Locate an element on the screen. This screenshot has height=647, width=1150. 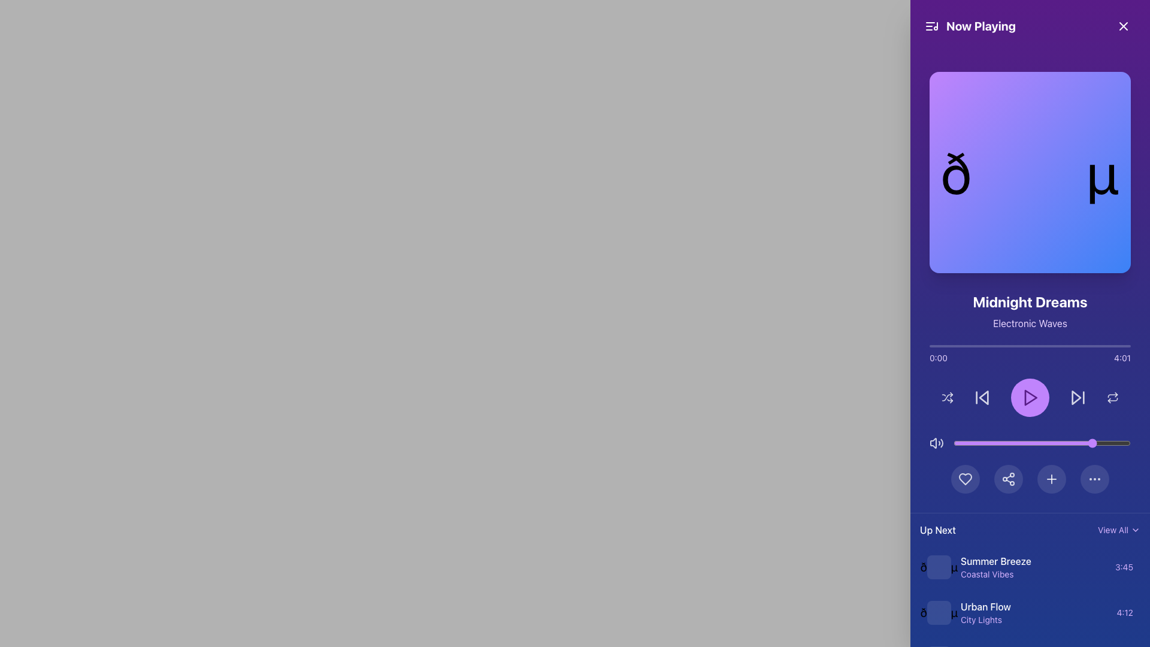
the content of the Text Display showing the title and subtitle of the first song in the 'Up Next' list, located in the music application, positioned between a musical note icon and a timestamp is located at coordinates (1032, 567).